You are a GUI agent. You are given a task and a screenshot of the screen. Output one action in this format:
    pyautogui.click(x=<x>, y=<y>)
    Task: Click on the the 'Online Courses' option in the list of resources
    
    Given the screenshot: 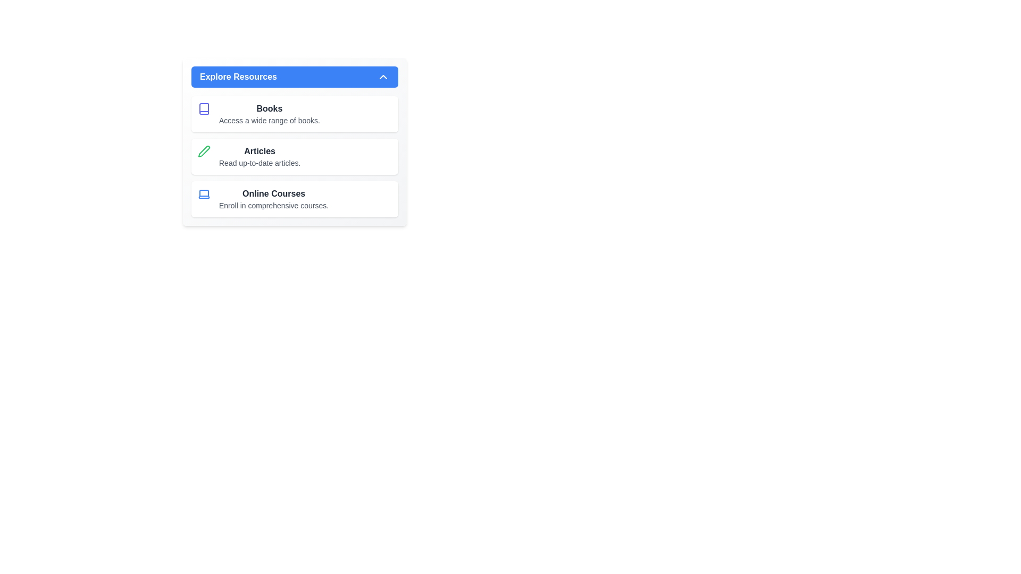 What is the action you would take?
    pyautogui.click(x=274, y=199)
    